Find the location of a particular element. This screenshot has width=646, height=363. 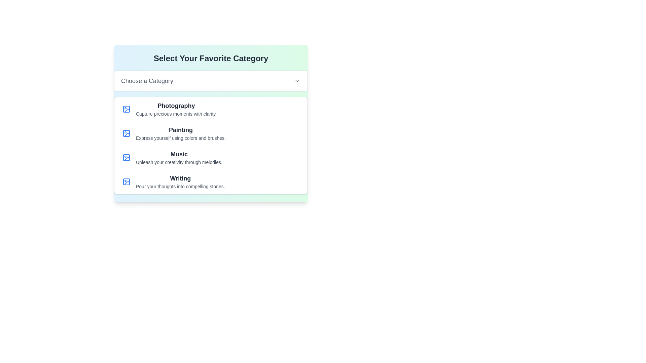

the triangular corner shape of the 'Writing' icon located in the lower-right corner of the icon within the fourth row of the list panel is located at coordinates (127, 183).